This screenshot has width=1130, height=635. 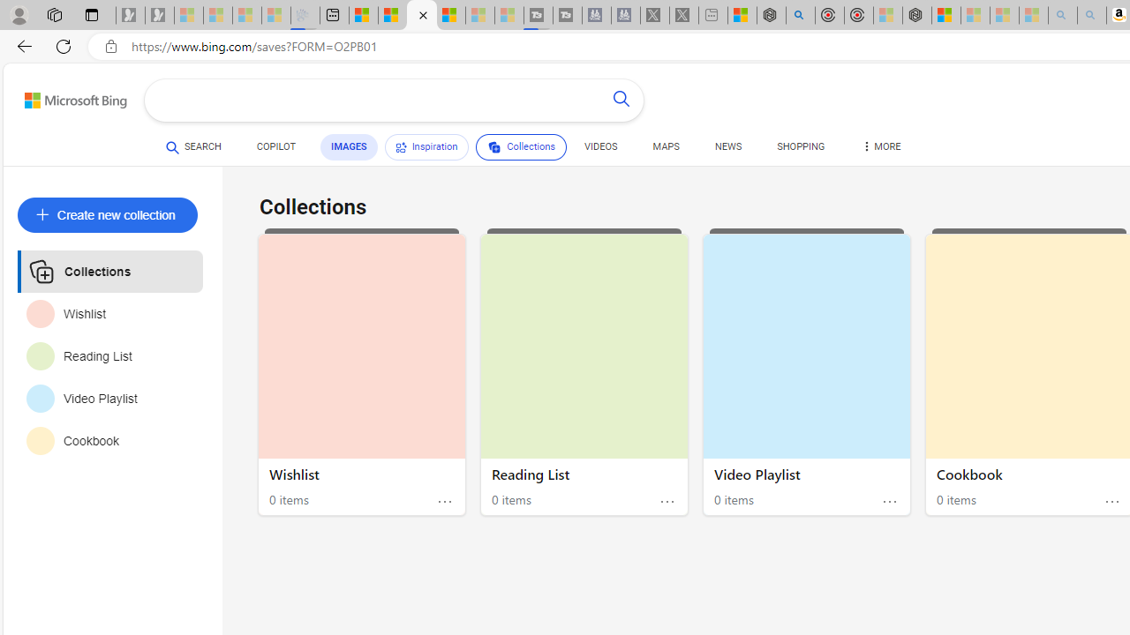 What do you see at coordinates (621, 101) in the screenshot?
I see `'Search button'` at bounding box center [621, 101].